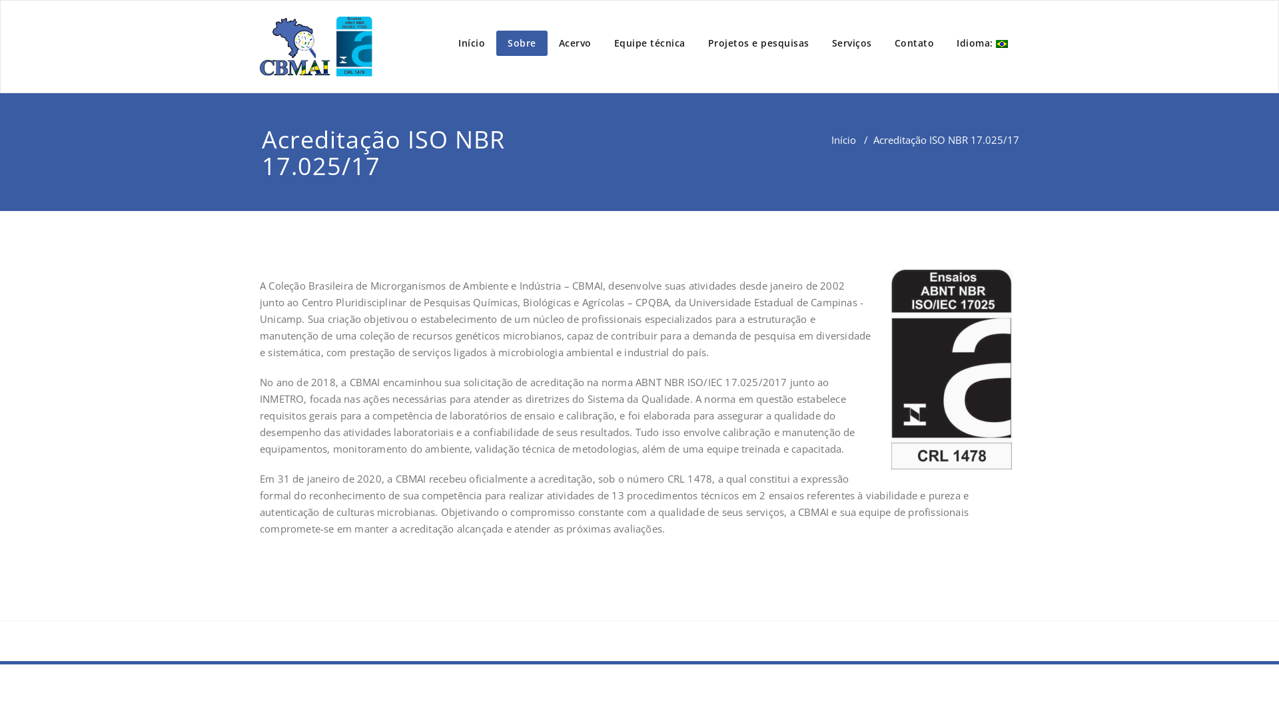  I want to click on 'Appointment', so click(315, 45).